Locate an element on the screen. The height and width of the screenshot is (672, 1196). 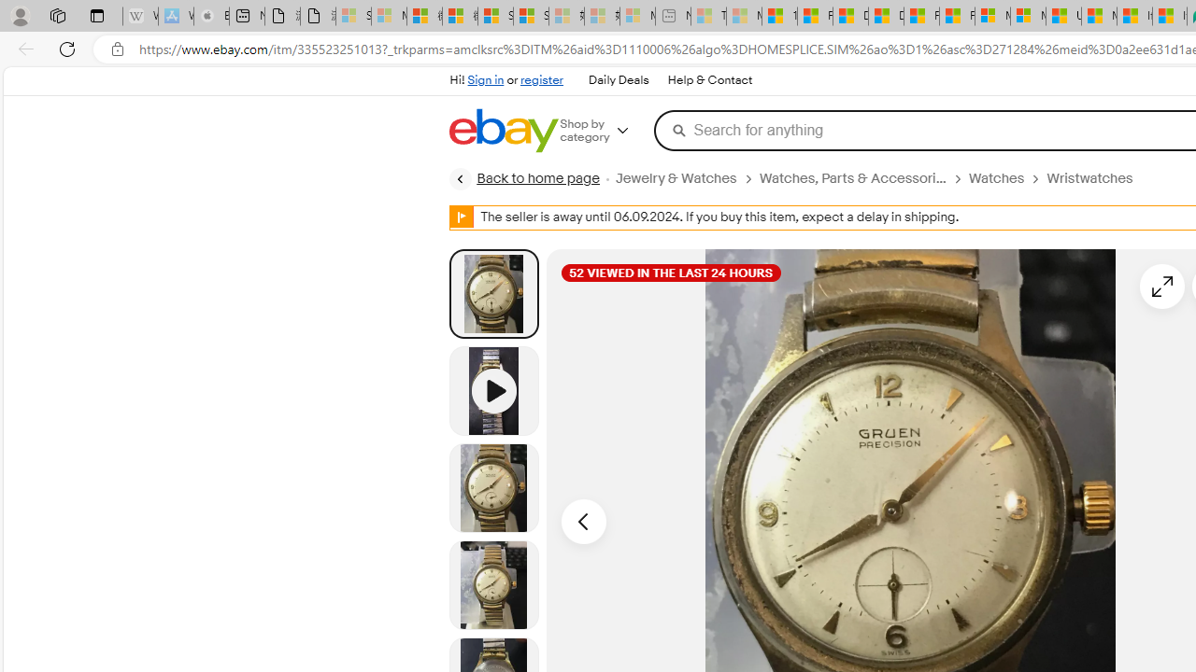
'Foo BAR | Trusted Community Engagement and Contributions' is located at coordinates (957, 16).